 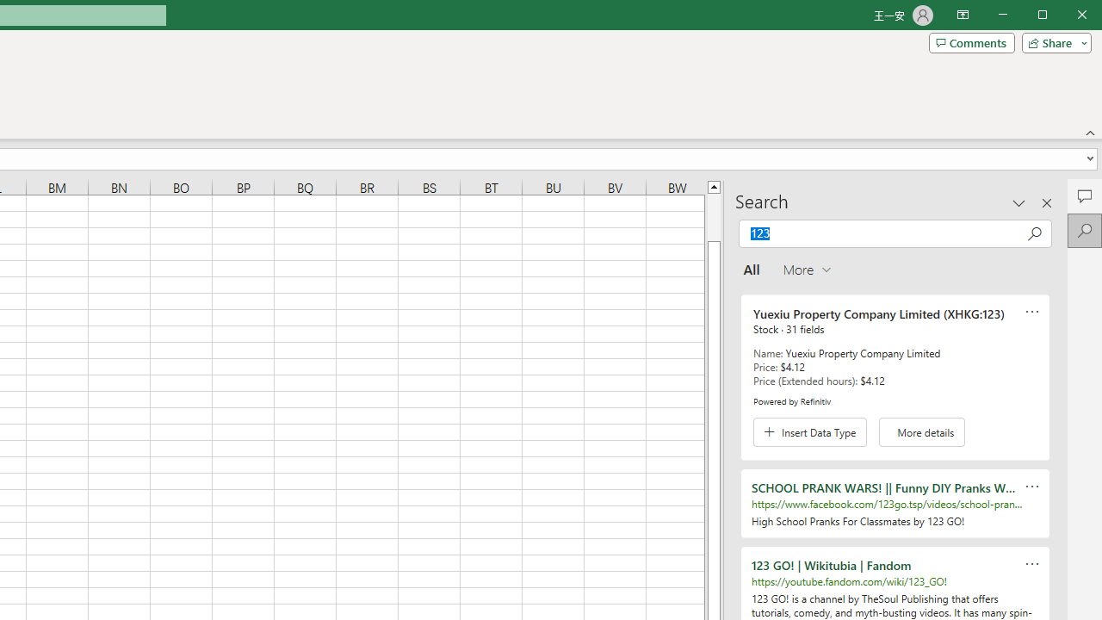 I want to click on 'Close pane', so click(x=1046, y=201).